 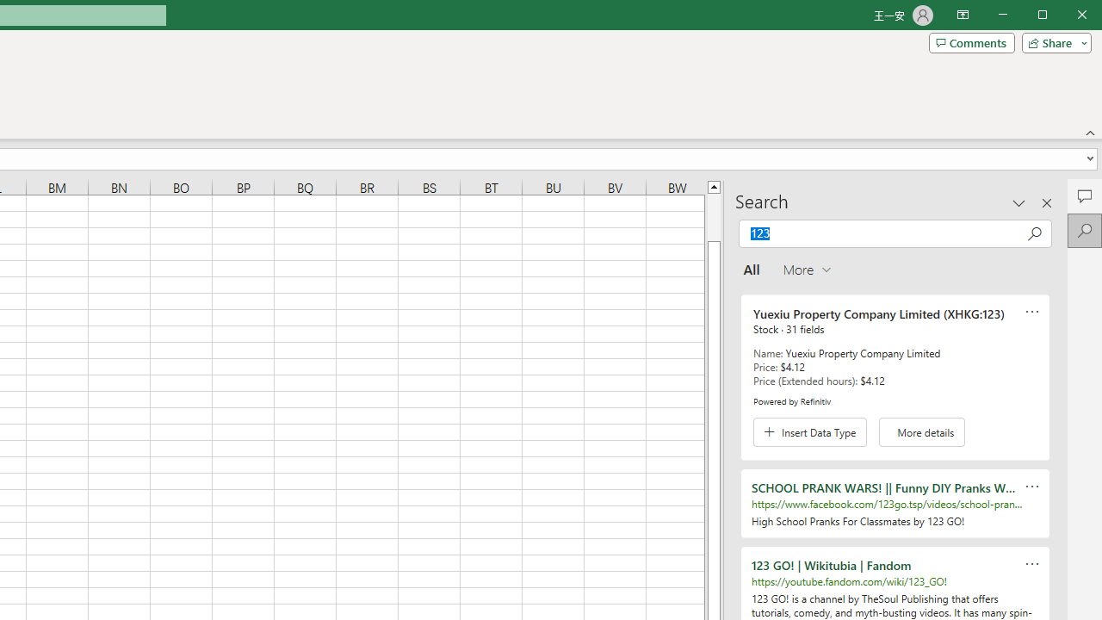 I want to click on 'Close pane', so click(x=1046, y=201).